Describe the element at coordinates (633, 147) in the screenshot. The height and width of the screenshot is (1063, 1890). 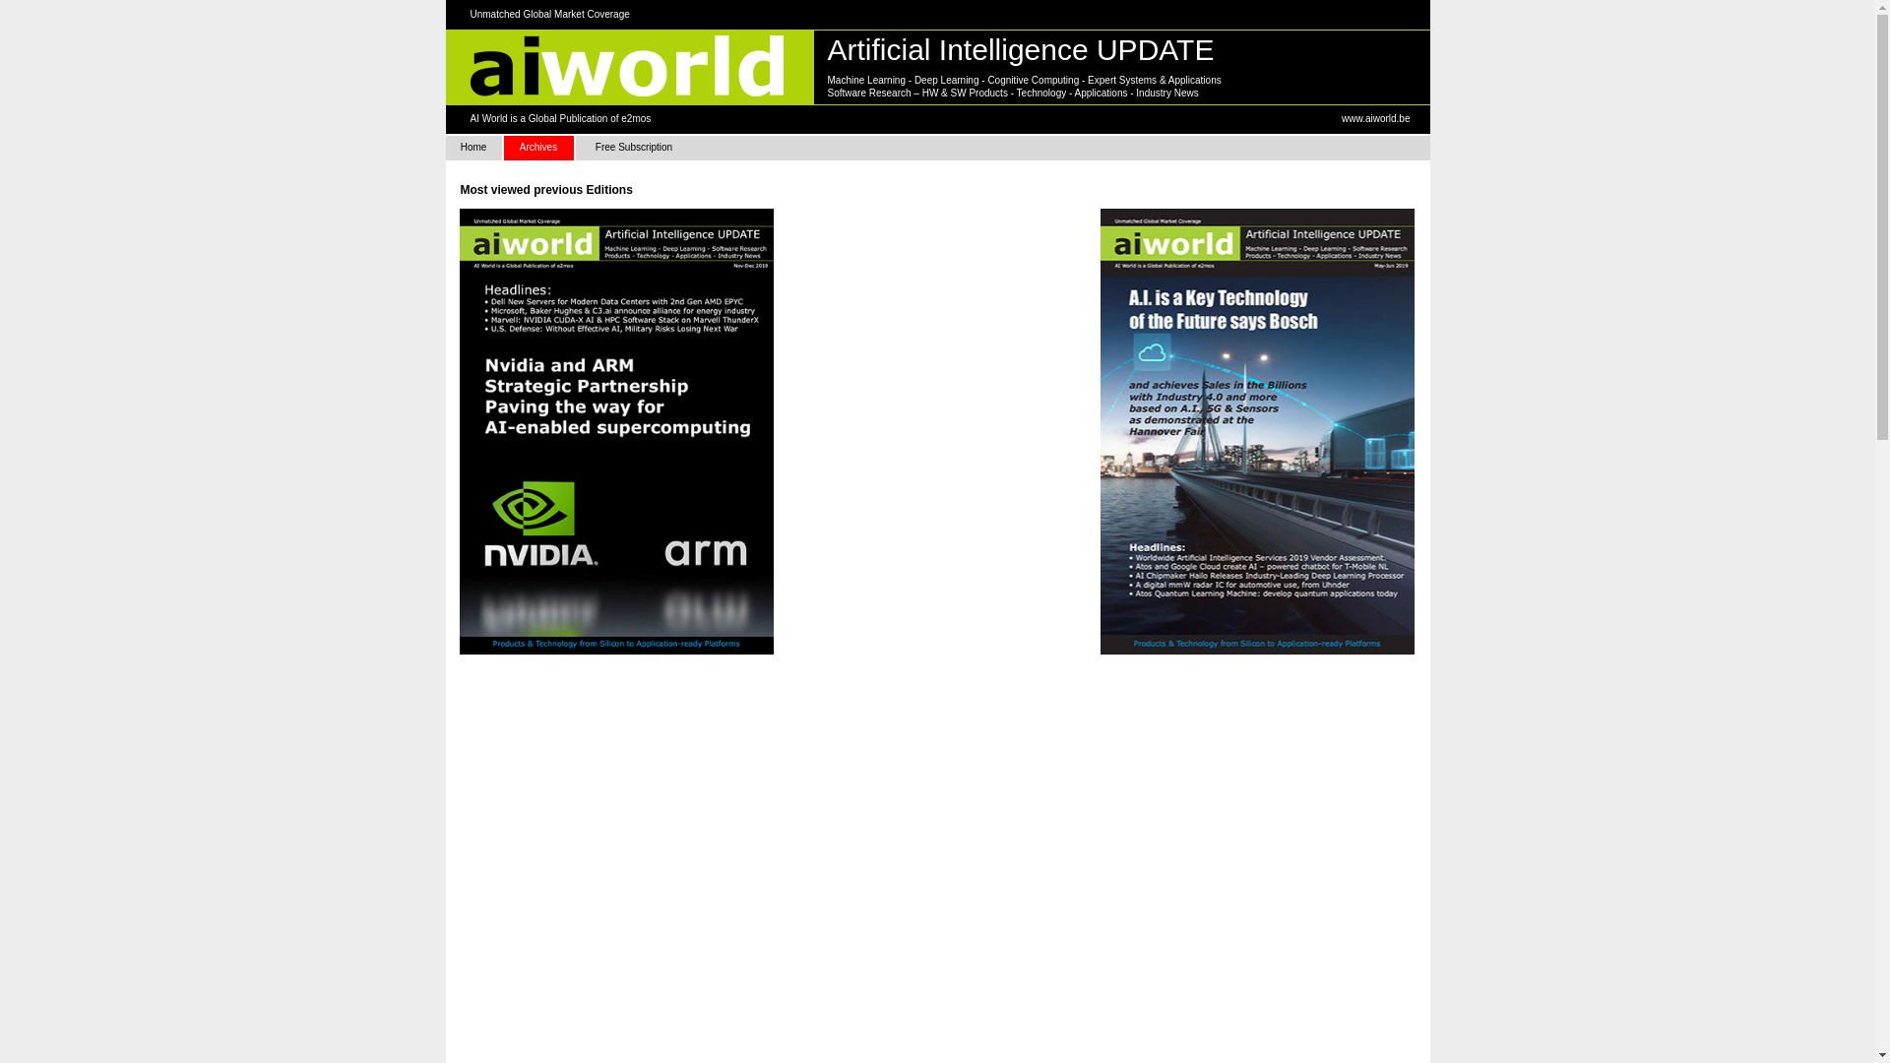
I see `'Free Subscription'` at that location.